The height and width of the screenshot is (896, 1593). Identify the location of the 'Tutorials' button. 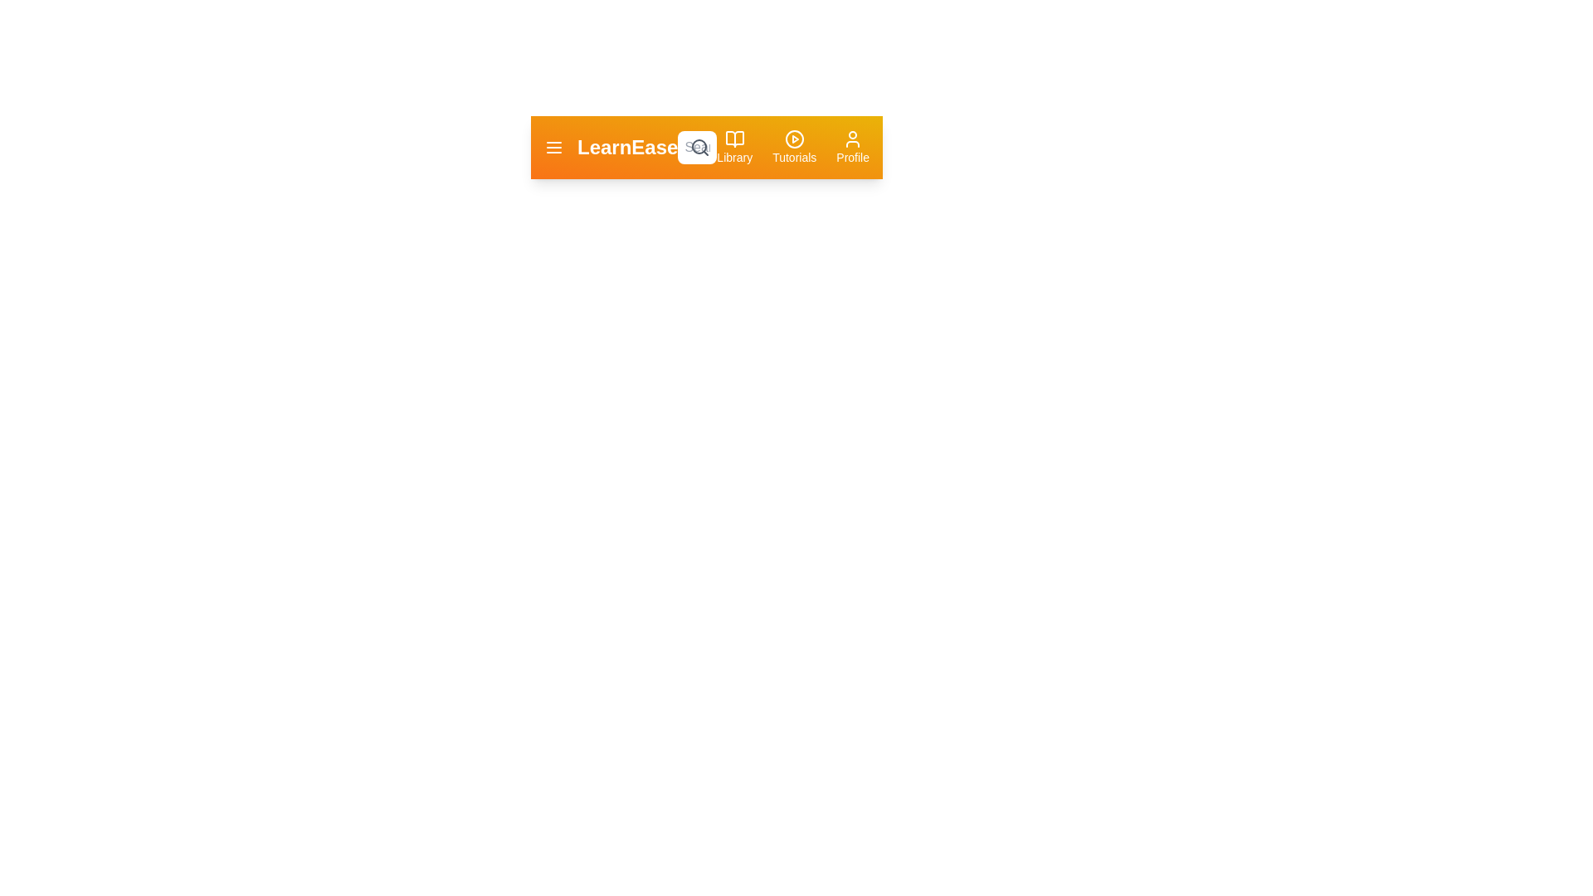
(792, 146).